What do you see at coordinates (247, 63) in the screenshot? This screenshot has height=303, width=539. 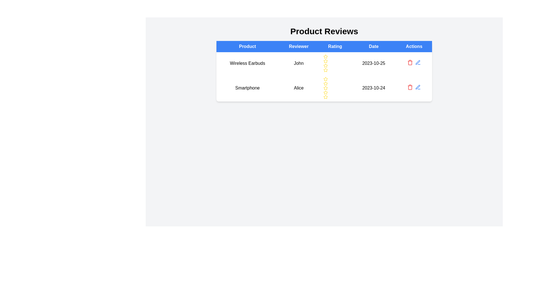 I see `the text label representing the name of the product being reviewed, located in the first column of the 'Product Reviews' table` at bounding box center [247, 63].